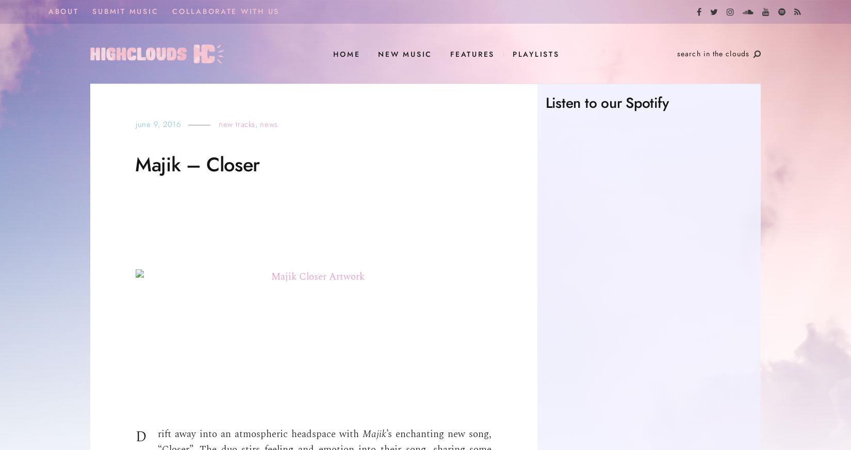  I want to click on 'News', so click(268, 124).